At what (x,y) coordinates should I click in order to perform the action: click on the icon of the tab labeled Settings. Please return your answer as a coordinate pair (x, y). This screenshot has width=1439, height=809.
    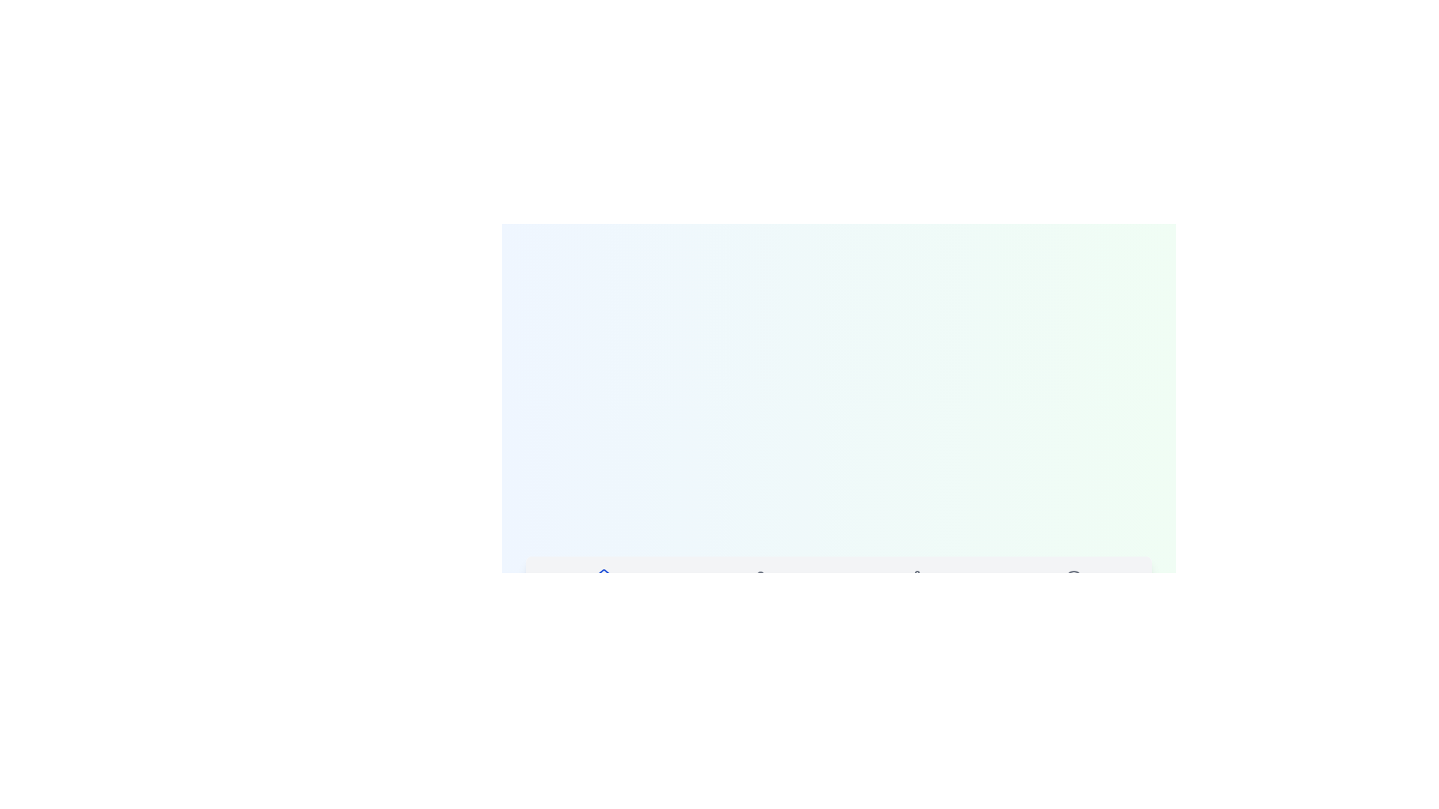
    Looking at the image, I should click on (916, 578).